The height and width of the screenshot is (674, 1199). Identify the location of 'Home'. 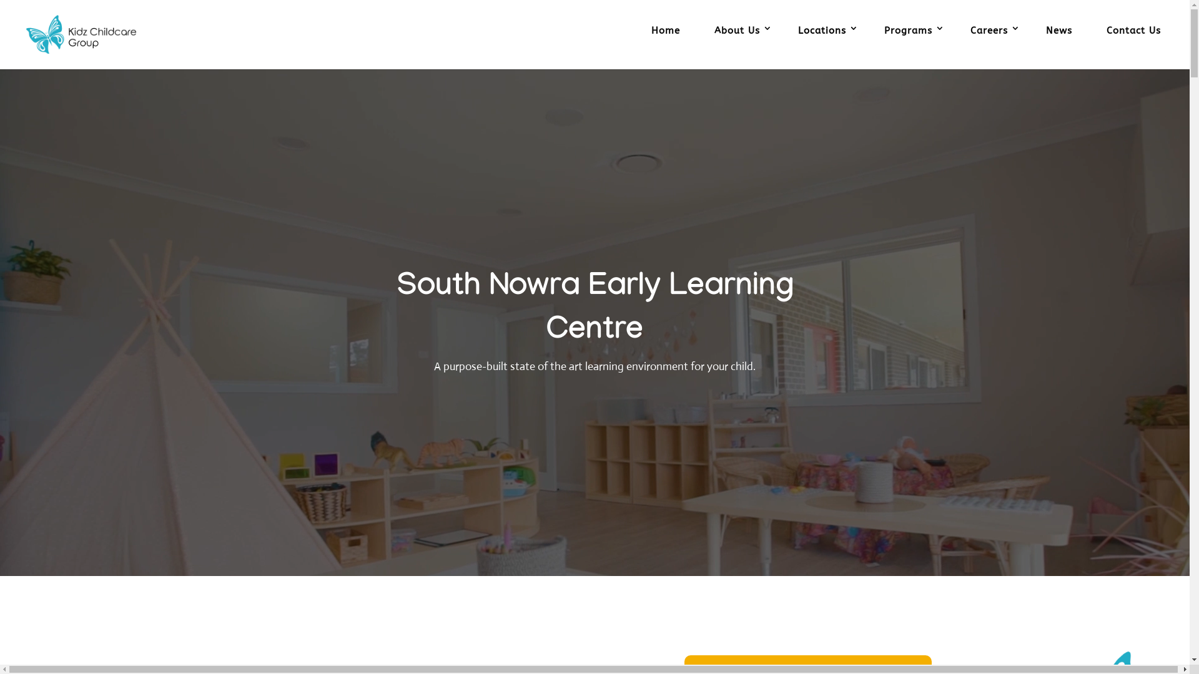
(664, 42).